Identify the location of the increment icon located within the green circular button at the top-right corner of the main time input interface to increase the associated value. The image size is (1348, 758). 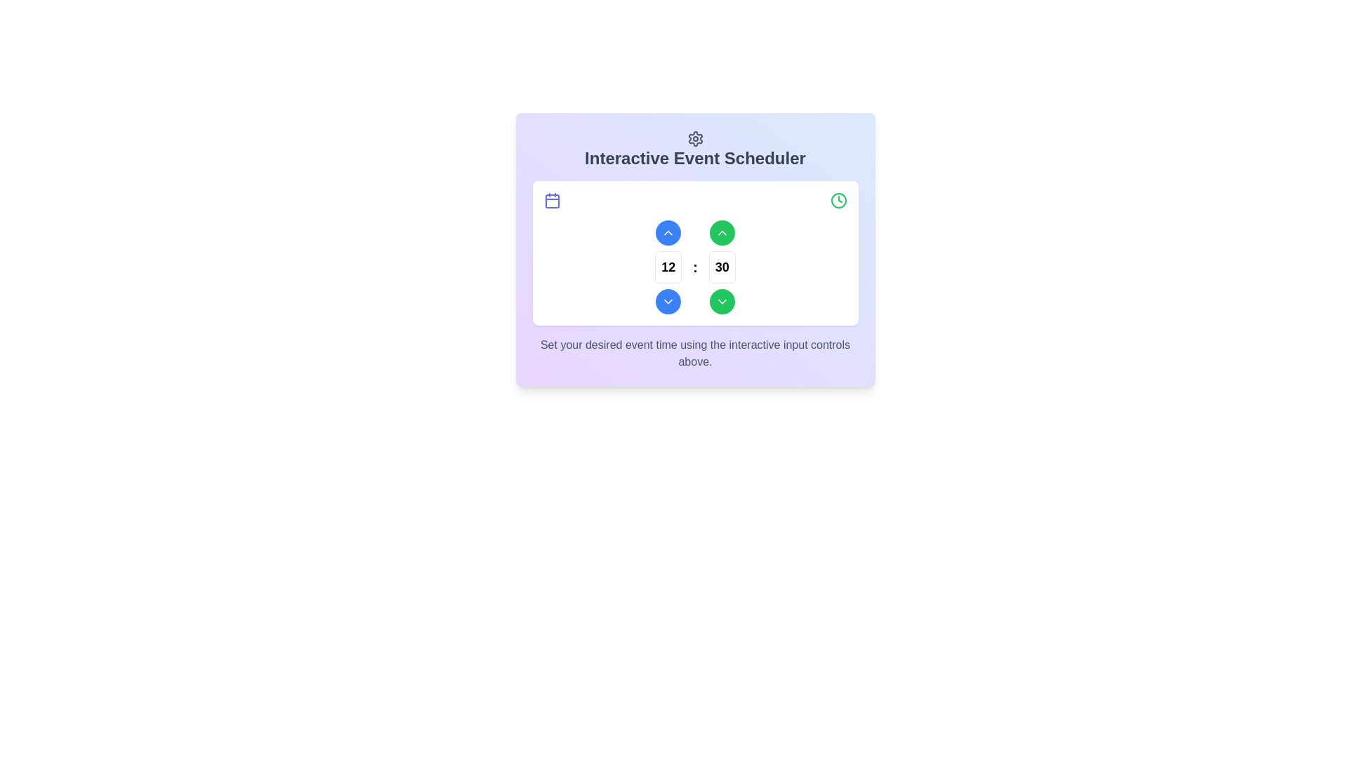
(722, 232).